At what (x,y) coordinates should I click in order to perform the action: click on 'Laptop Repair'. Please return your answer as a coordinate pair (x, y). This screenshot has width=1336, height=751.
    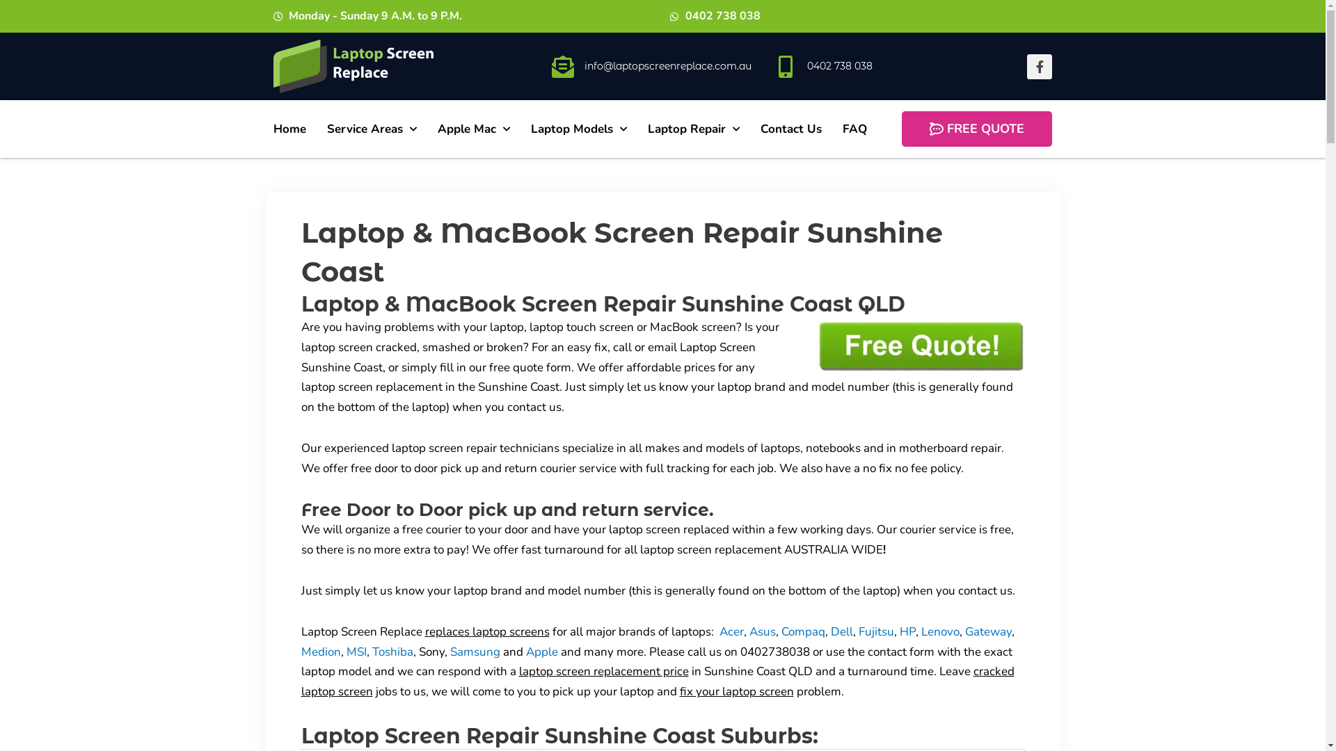
    Looking at the image, I should click on (646, 129).